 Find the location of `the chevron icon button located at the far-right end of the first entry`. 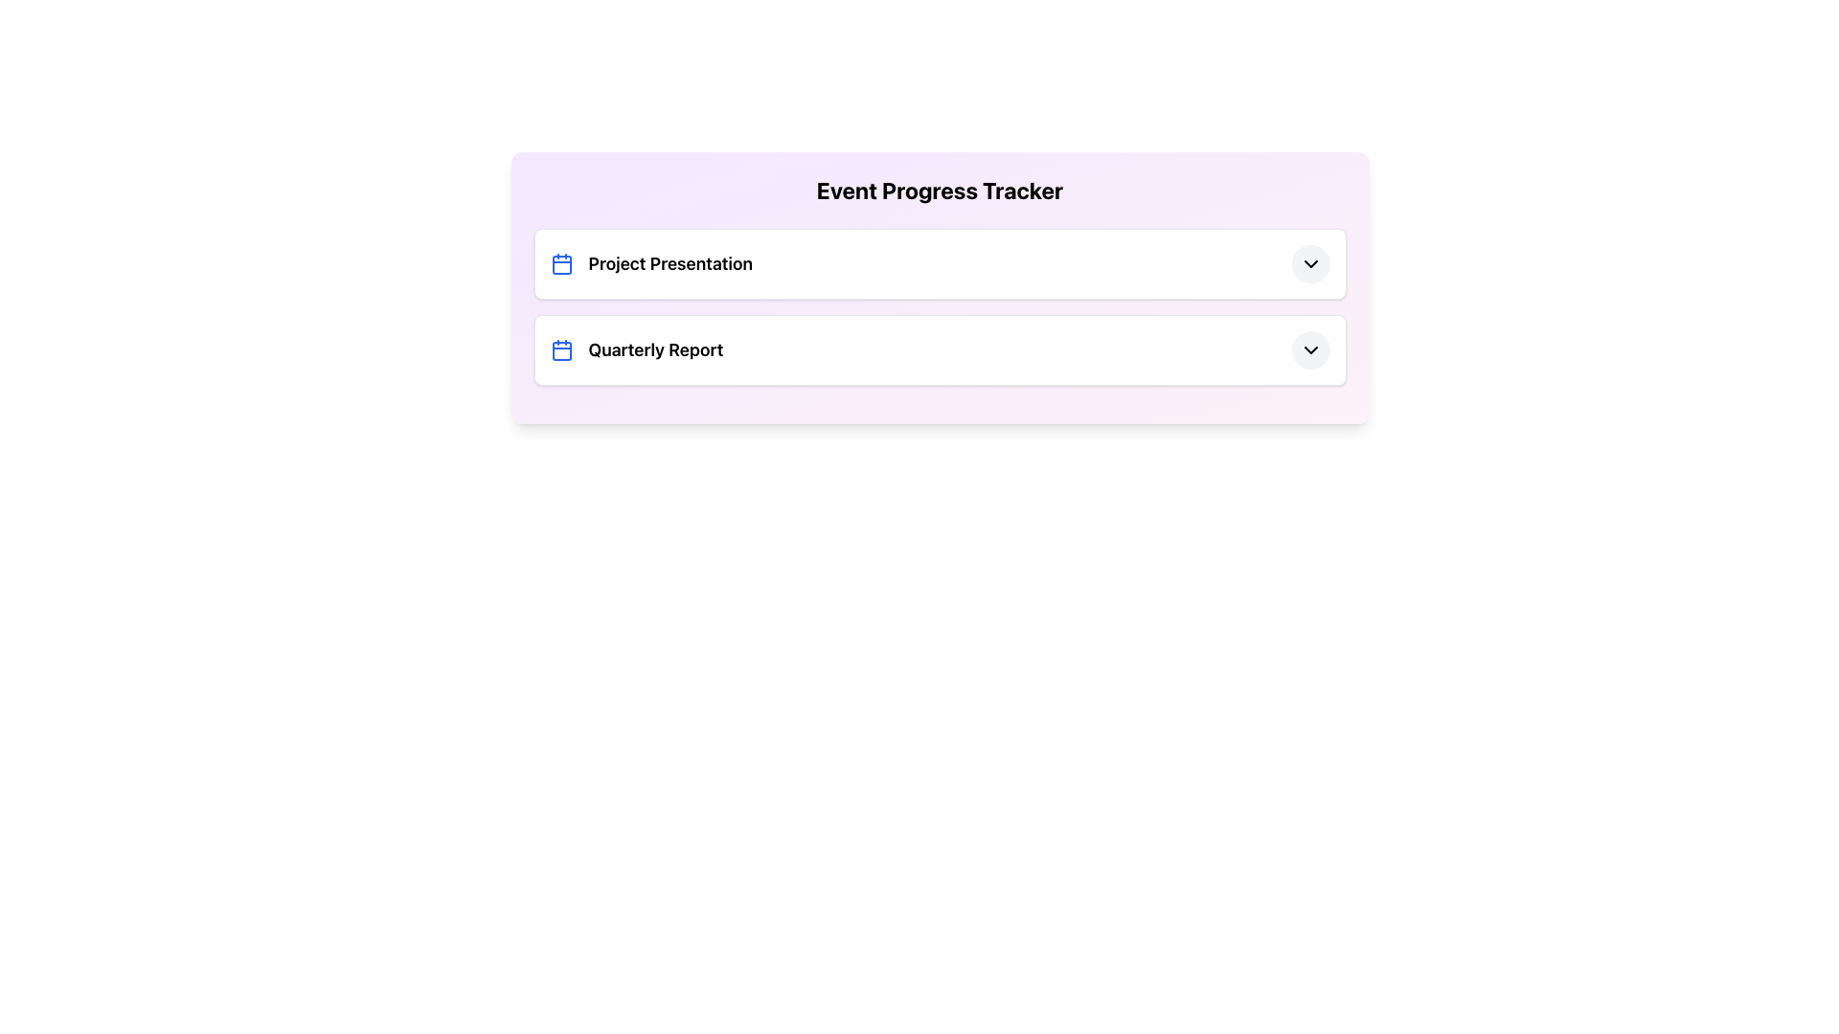

the chevron icon button located at the far-right end of the first entry is located at coordinates (1309, 264).